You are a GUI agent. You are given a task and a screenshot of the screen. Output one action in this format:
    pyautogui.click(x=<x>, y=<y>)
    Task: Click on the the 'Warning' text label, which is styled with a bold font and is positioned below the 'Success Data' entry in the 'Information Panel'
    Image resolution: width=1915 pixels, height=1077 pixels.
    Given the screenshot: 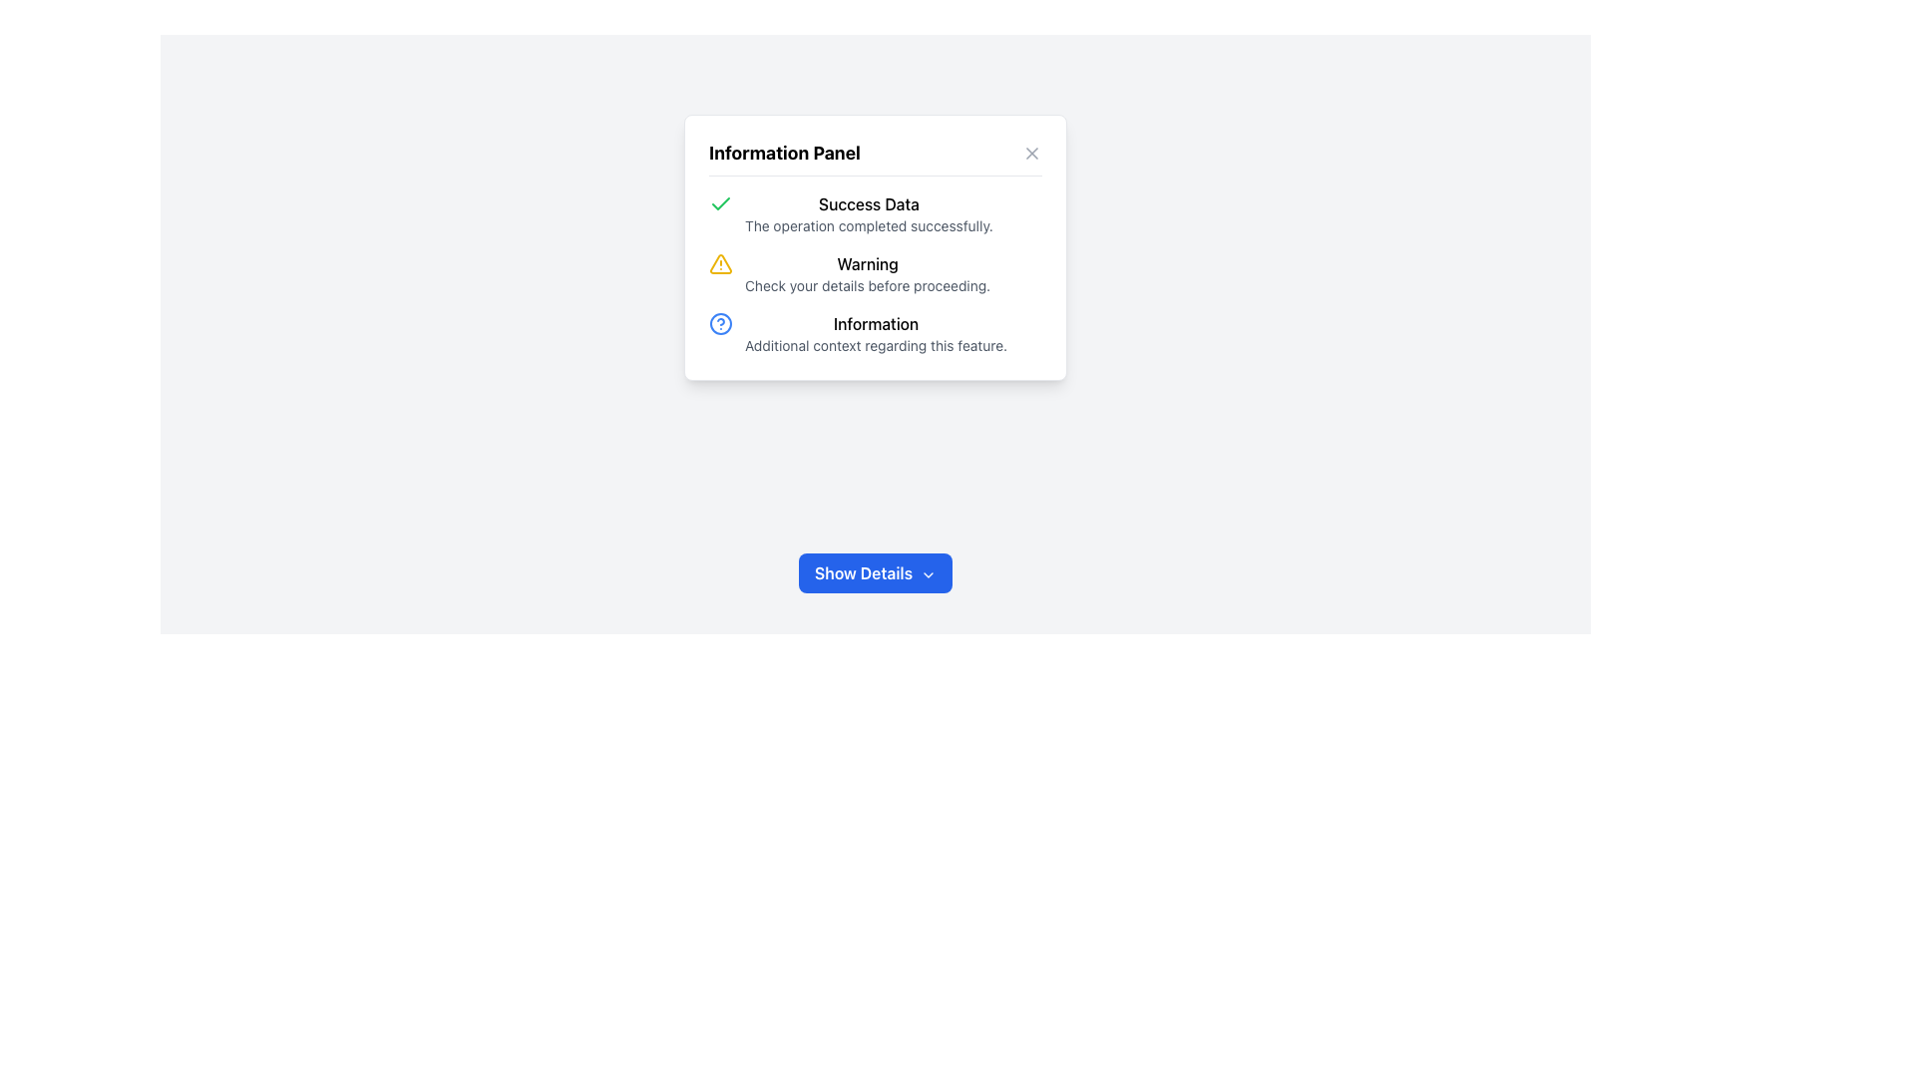 What is the action you would take?
    pyautogui.click(x=868, y=263)
    